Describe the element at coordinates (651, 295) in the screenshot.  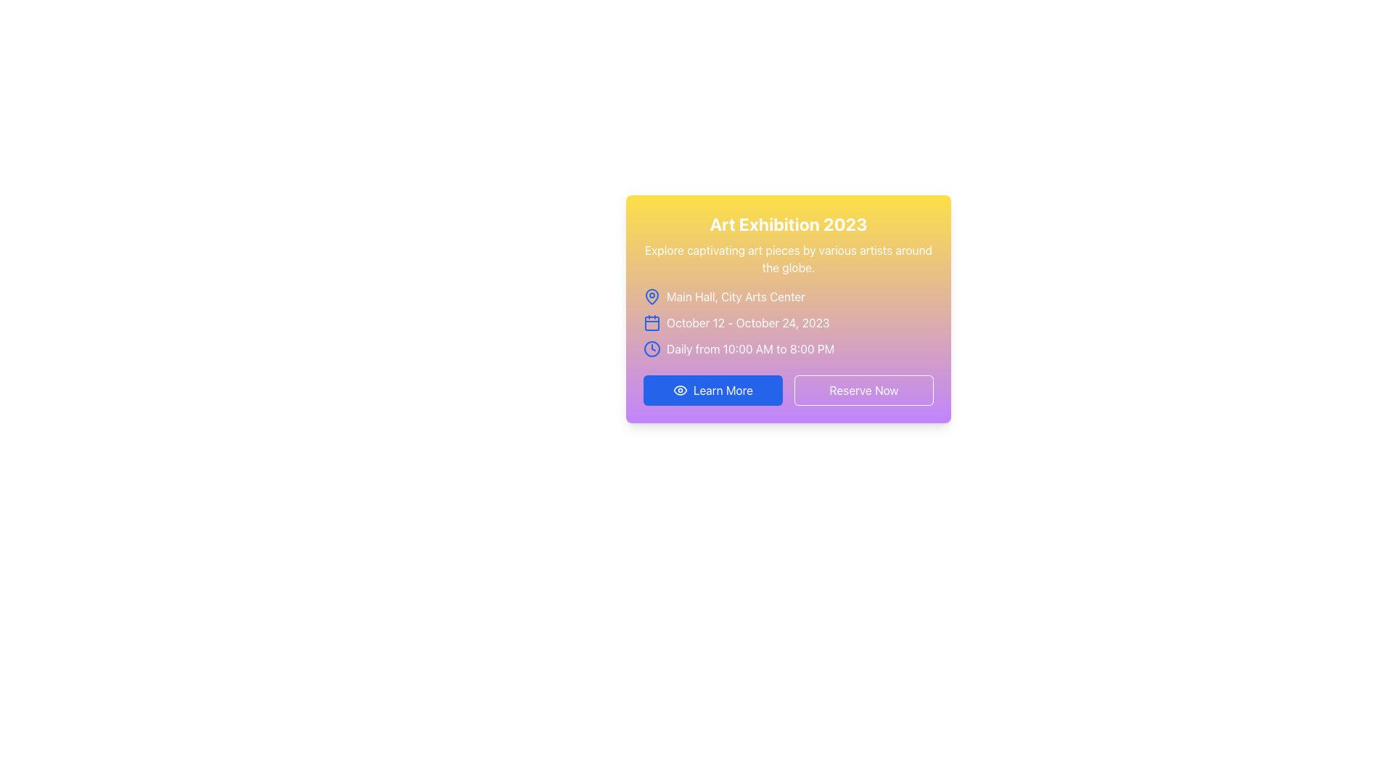
I see `the map pin icon, which is a light blue outlined vector graphic located to the left of the location text 'Main Hall, City Arts Center' in the event detail card` at that location.